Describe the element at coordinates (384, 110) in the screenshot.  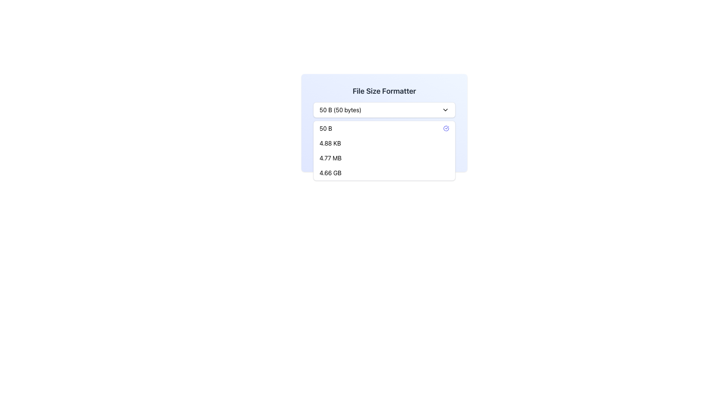
I see `the dropdown menu for selecting specific file sizes located within the 'File Size Formatter' card, allowing for keyboard navigation` at that location.